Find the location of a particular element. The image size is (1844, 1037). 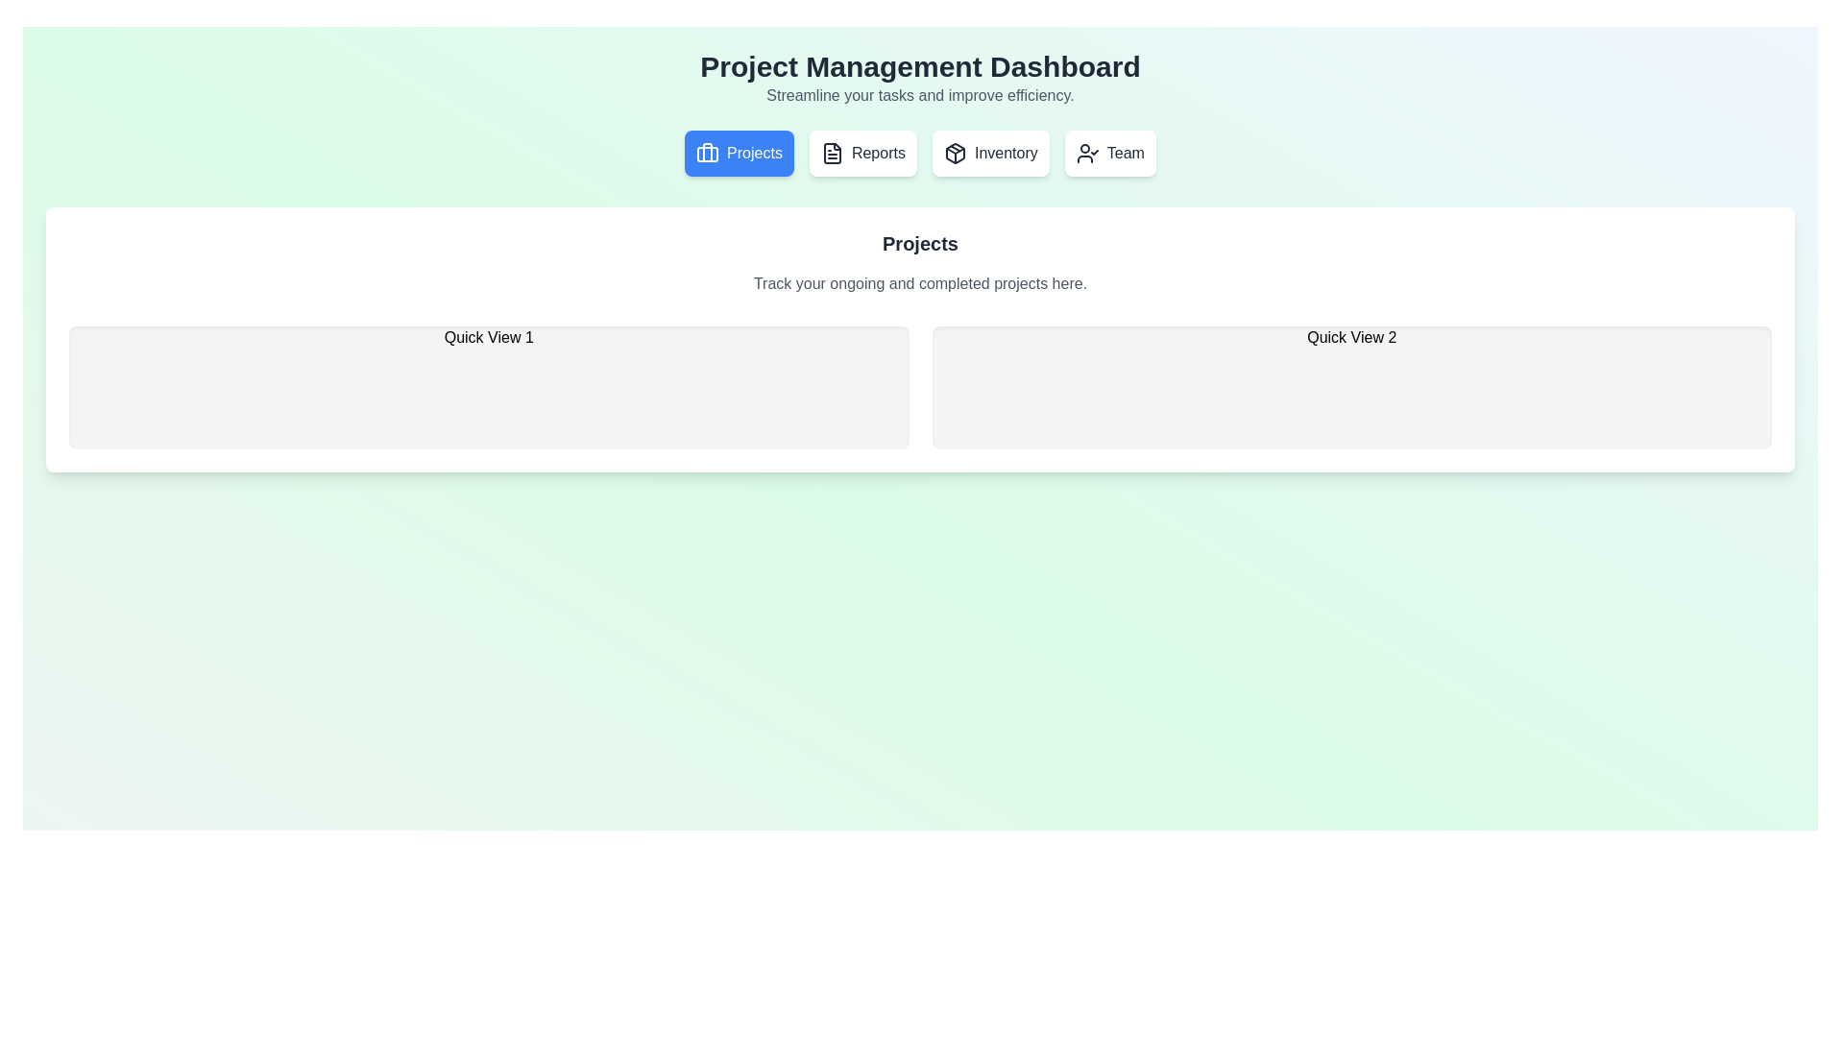

the 'Projects' button in the navigation bar is located at coordinates (754, 152).